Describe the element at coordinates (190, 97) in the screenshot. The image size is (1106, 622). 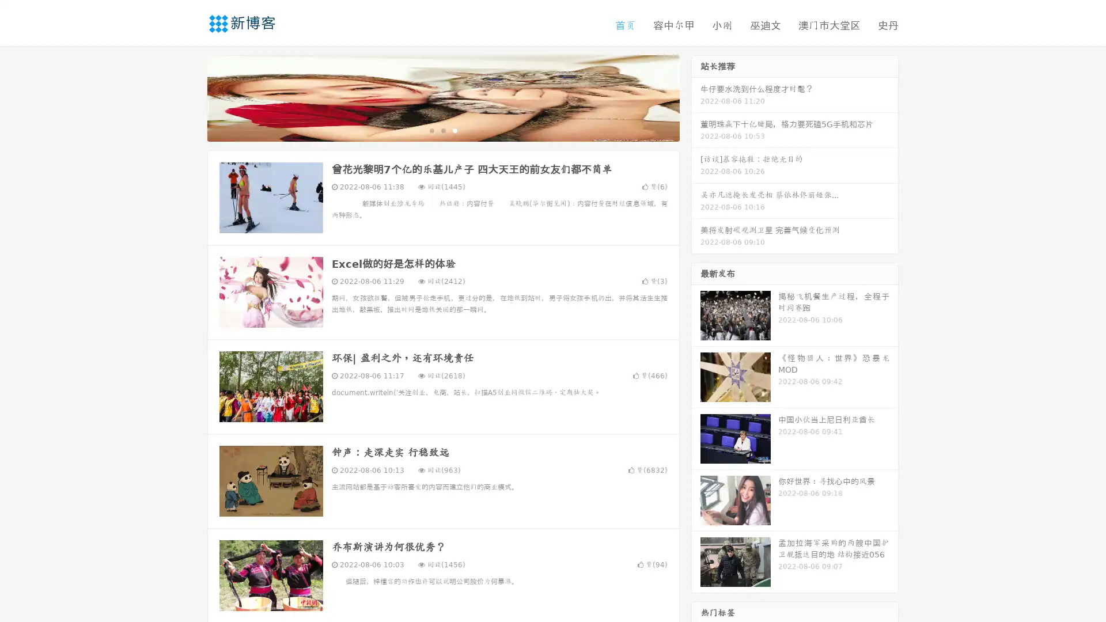
I see `Previous slide` at that location.